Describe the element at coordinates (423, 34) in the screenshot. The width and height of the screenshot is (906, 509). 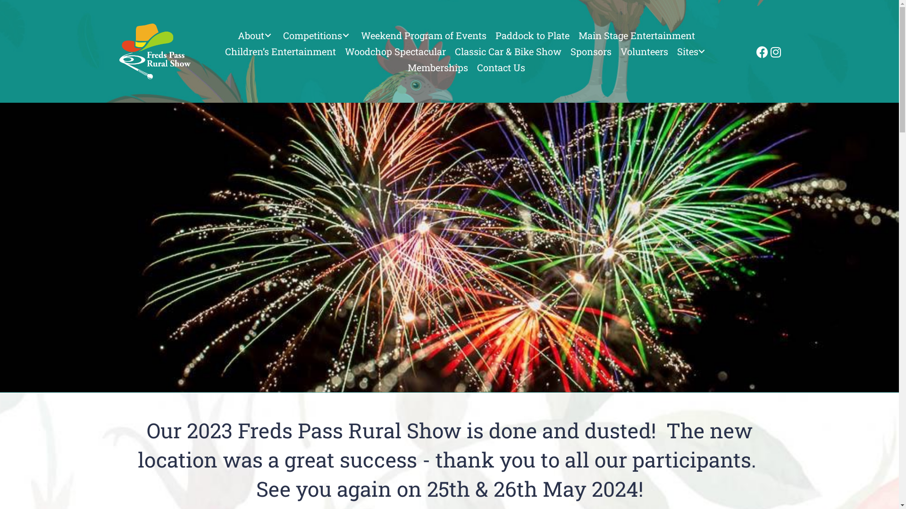
I see `'Weekend Program of Events'` at that location.